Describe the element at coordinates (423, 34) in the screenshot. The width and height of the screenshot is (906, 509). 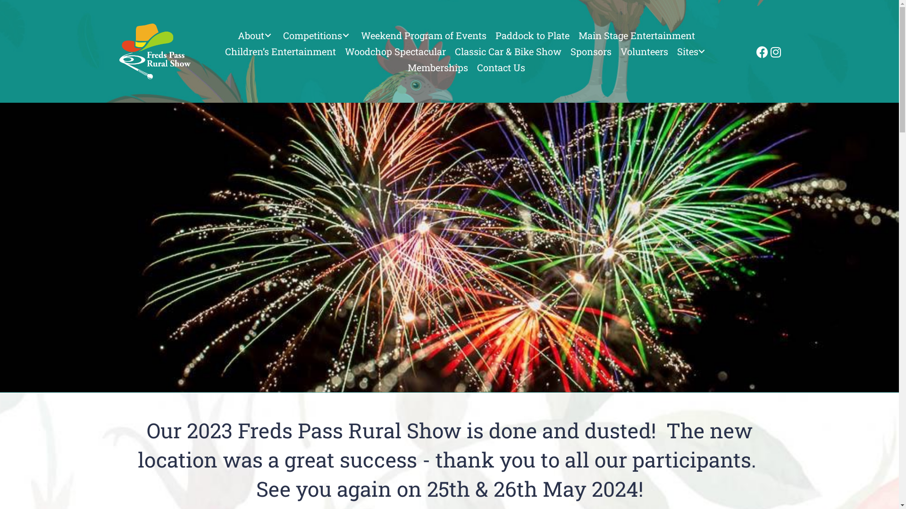
I see `'Weekend Program of Events'` at that location.